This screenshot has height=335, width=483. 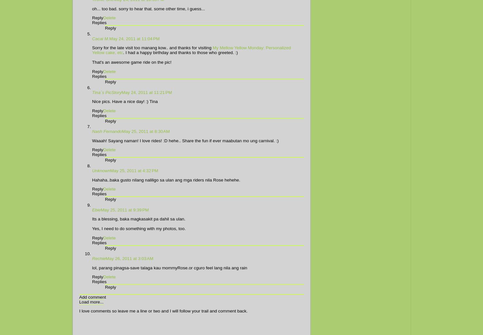 What do you see at coordinates (92, 228) in the screenshot?
I see `'Yes, I need to do something with my photos, too.'` at bounding box center [92, 228].